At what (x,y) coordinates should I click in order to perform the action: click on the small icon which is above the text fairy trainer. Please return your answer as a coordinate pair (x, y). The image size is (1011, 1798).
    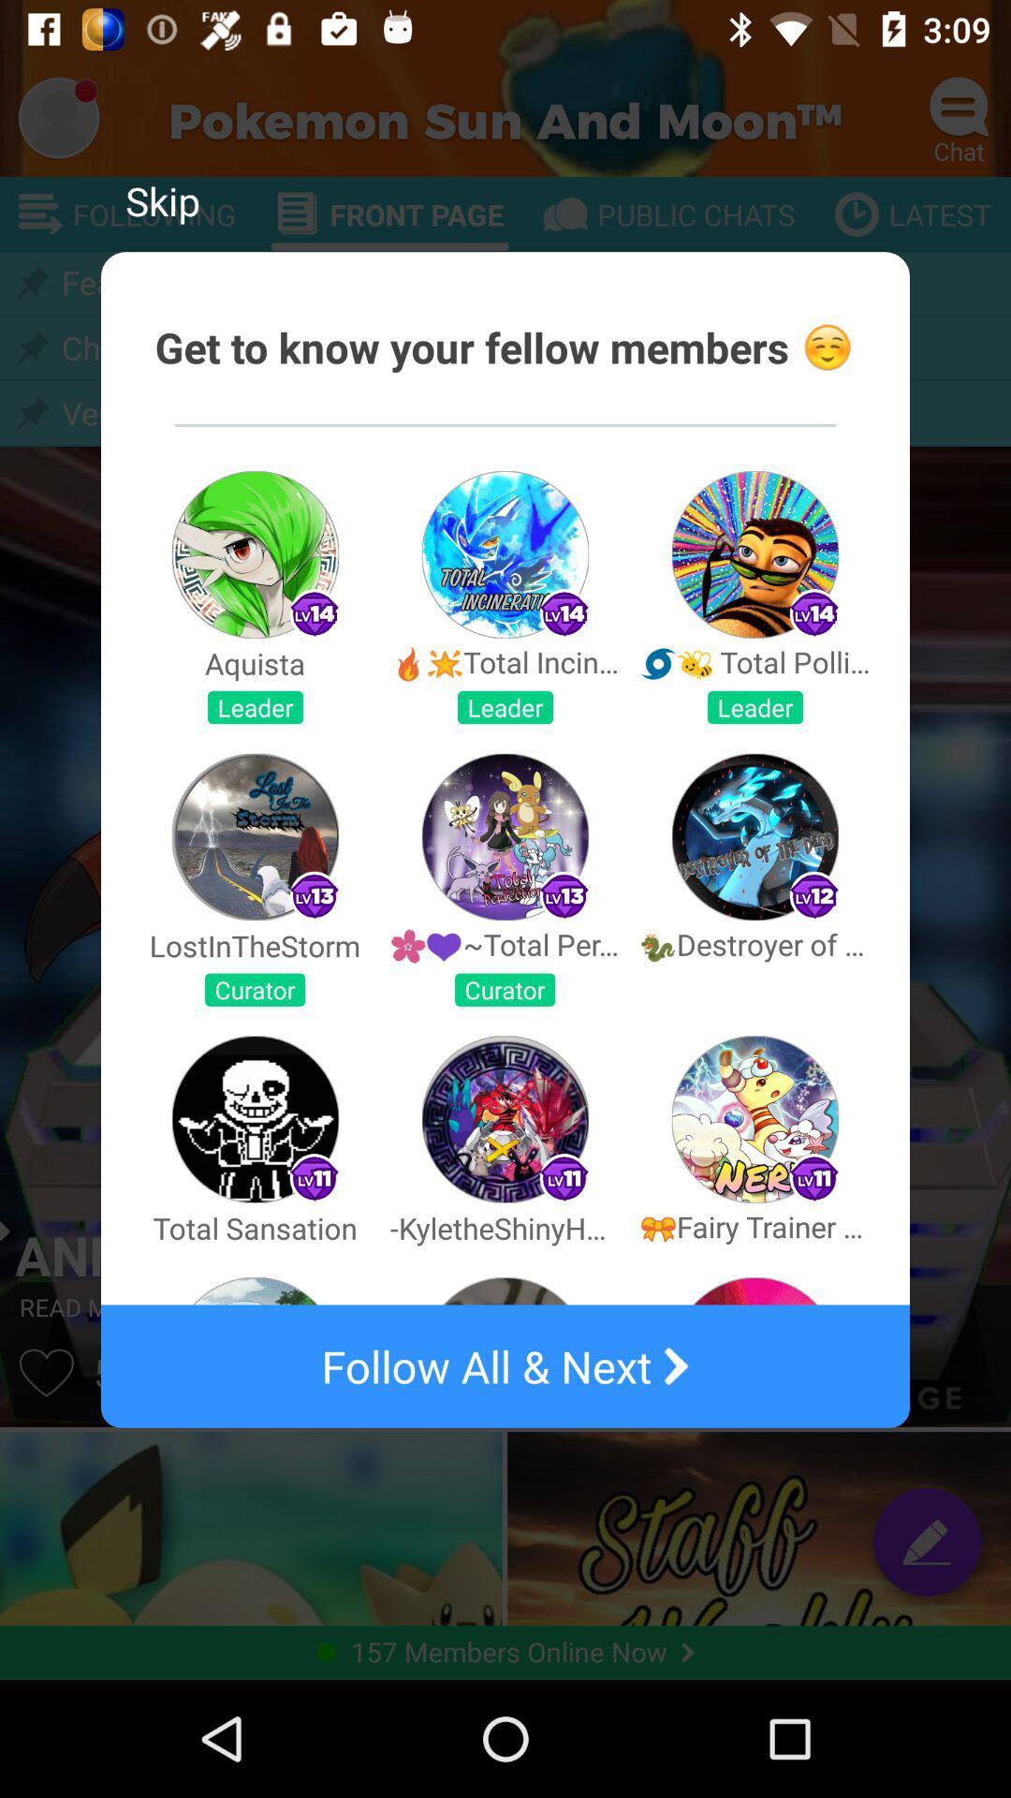
    Looking at the image, I should click on (813, 1177).